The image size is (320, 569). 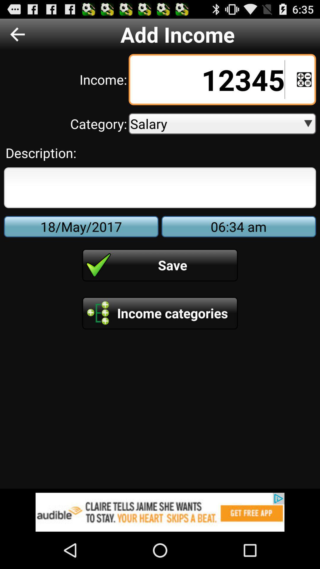 What do you see at coordinates (17, 34) in the screenshot?
I see `back button` at bounding box center [17, 34].